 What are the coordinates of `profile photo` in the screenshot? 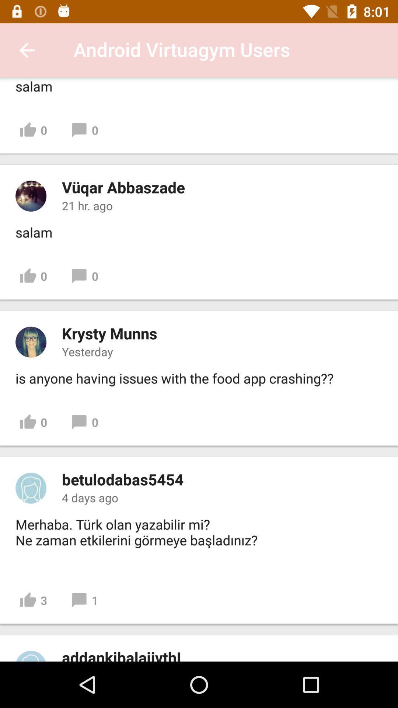 It's located at (31, 488).